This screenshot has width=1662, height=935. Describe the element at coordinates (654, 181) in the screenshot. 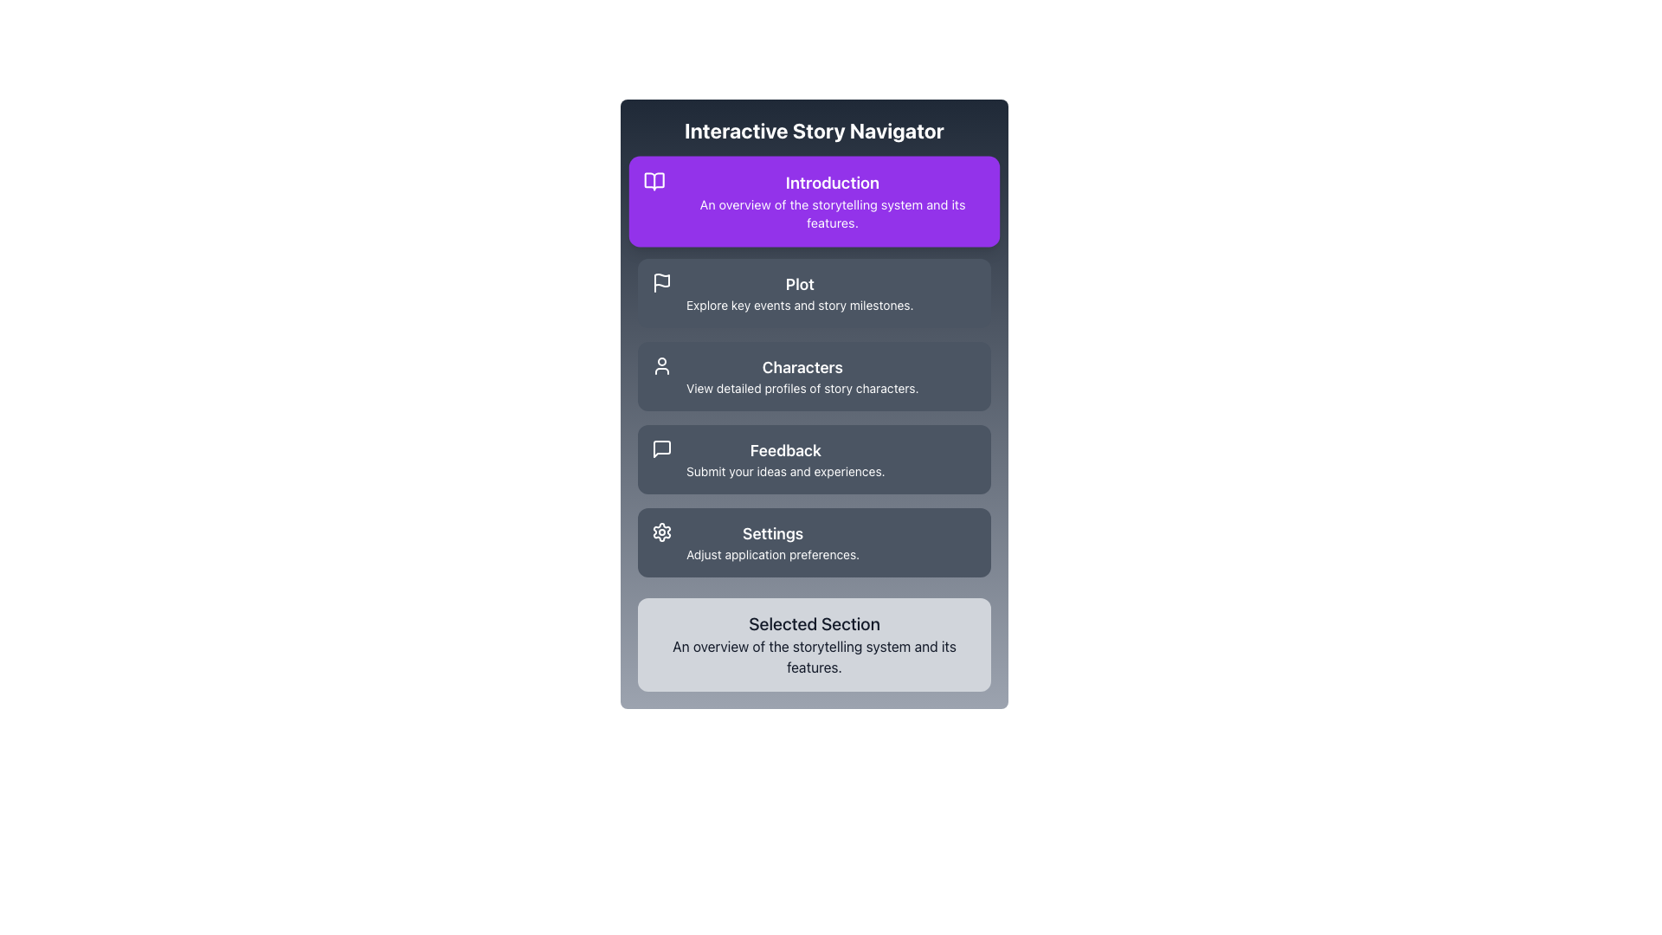

I see `the 'Introduction' section icon, which visually indicates information or a starting point and is positioned to the left of the 'Introduction' text` at that location.